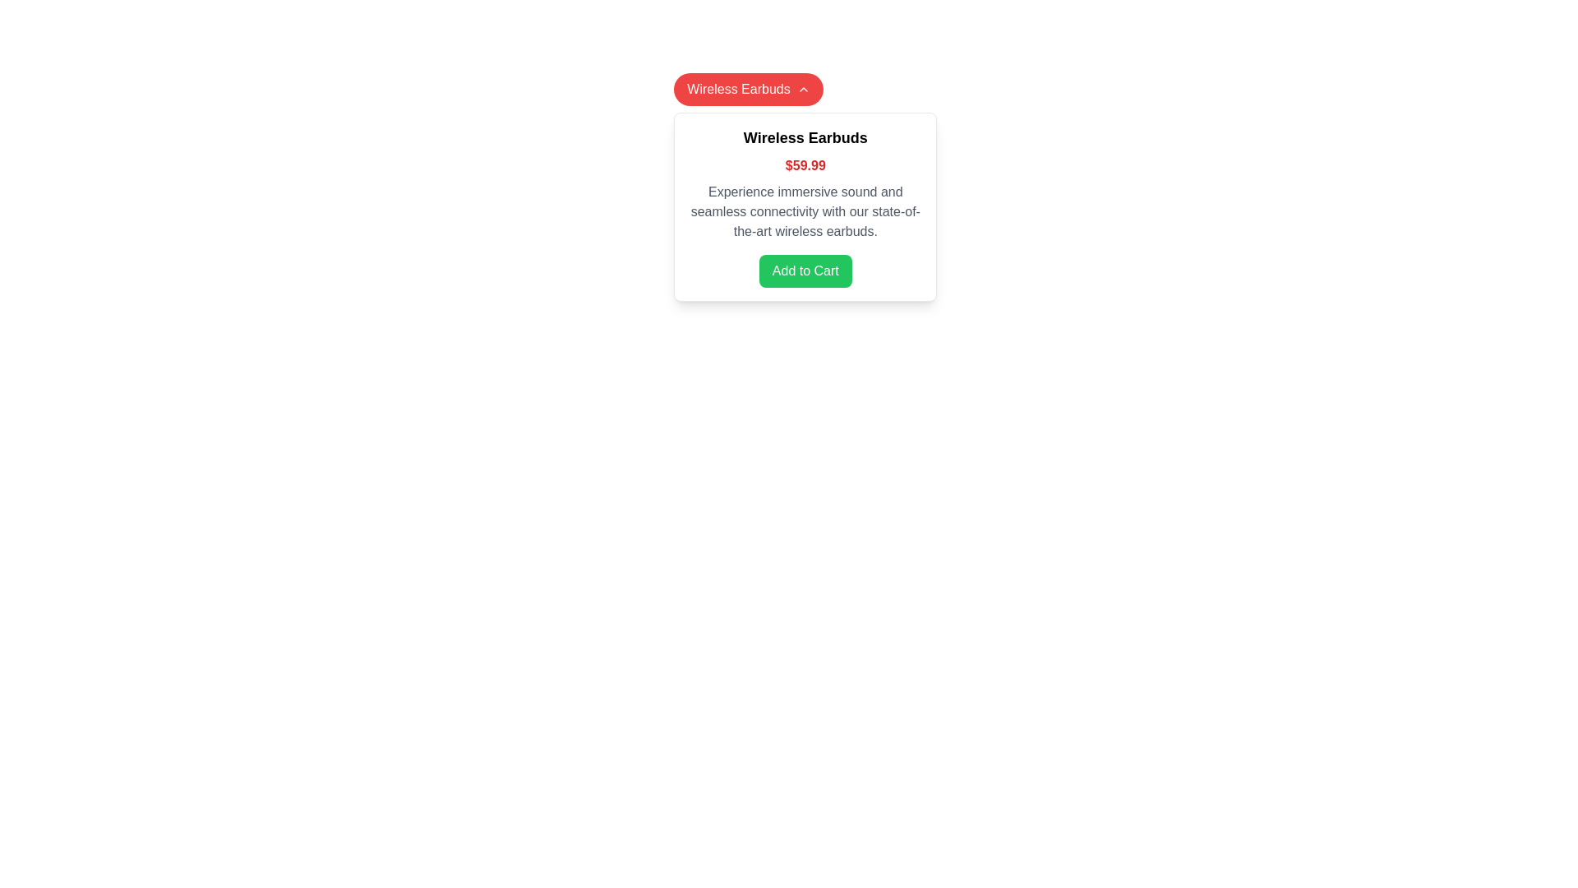  What do you see at coordinates (805, 165) in the screenshot?
I see `the text label displaying '$59.99', which is in bold red font and located centrally within a card below the title 'Wireless Earbuds'` at bounding box center [805, 165].